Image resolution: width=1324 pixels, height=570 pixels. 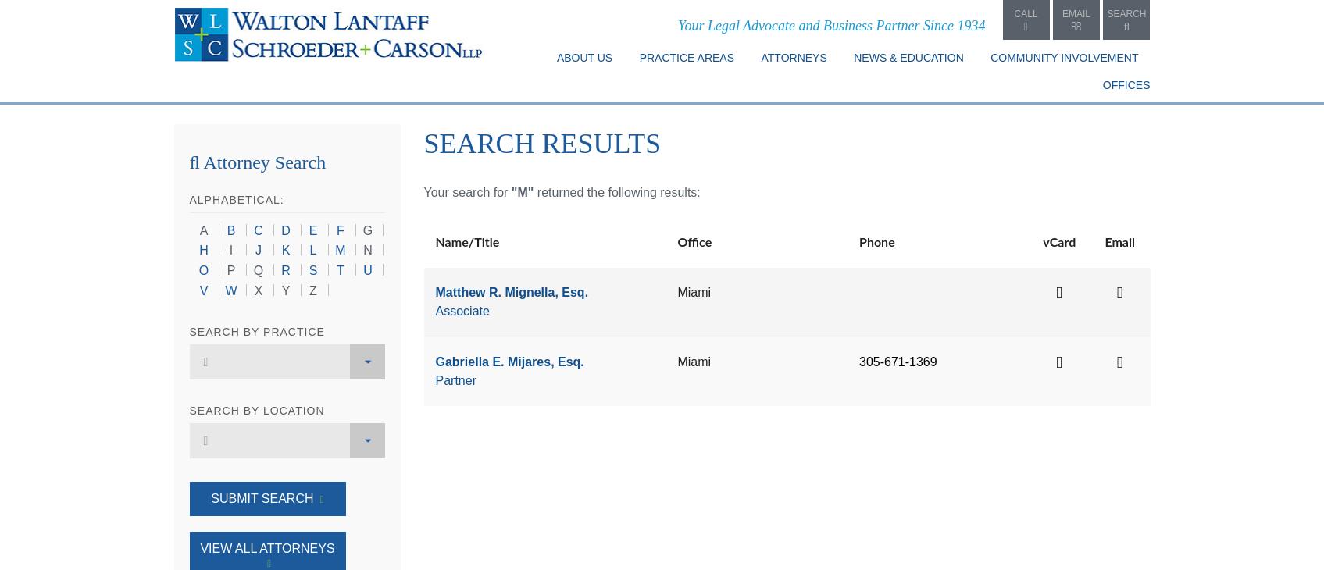 I want to click on 'Name/Title', so click(x=466, y=242).